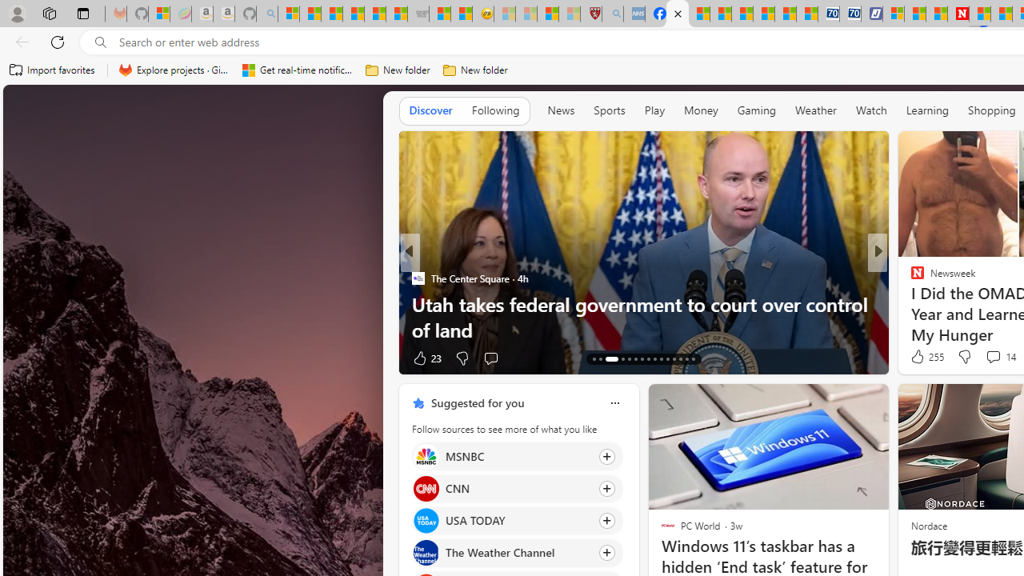 Image resolution: width=1024 pixels, height=576 pixels. What do you see at coordinates (994, 357) in the screenshot?
I see `'View comments 24 Comment'` at bounding box center [994, 357].